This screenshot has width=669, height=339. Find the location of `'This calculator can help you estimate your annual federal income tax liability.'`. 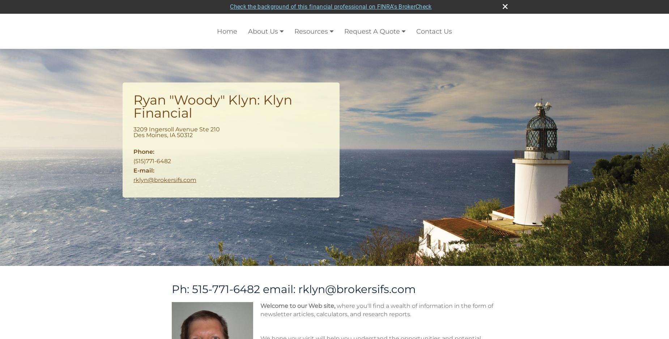

'This calculator can help you estimate your annual federal income tax liability.' is located at coordinates (243, 239).